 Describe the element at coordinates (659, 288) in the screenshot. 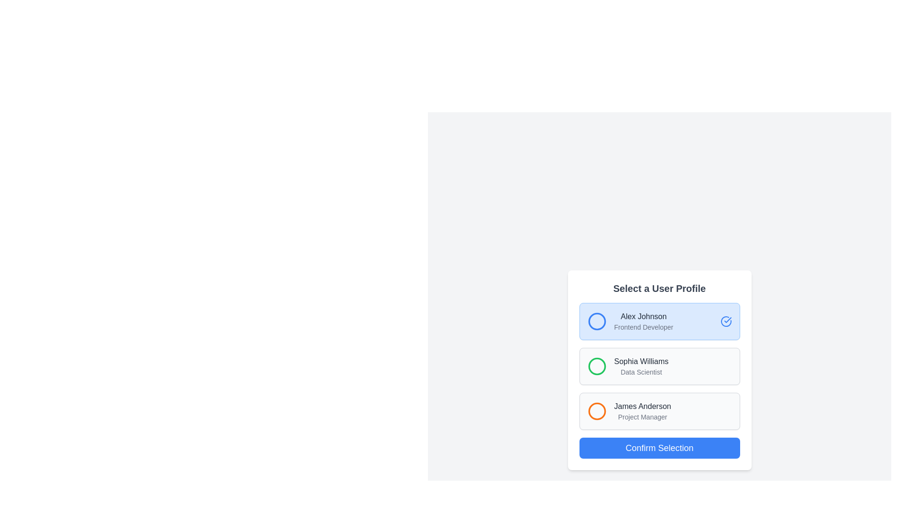

I see `the header text labeled 'Select a User Profile' which is styled in bold gray font and positioned at the top of the user profile selection card` at that location.